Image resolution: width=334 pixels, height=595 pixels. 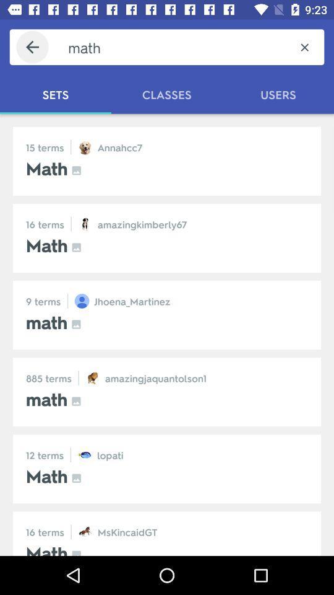 I want to click on the icon which is before the lopati, so click(x=84, y=454).